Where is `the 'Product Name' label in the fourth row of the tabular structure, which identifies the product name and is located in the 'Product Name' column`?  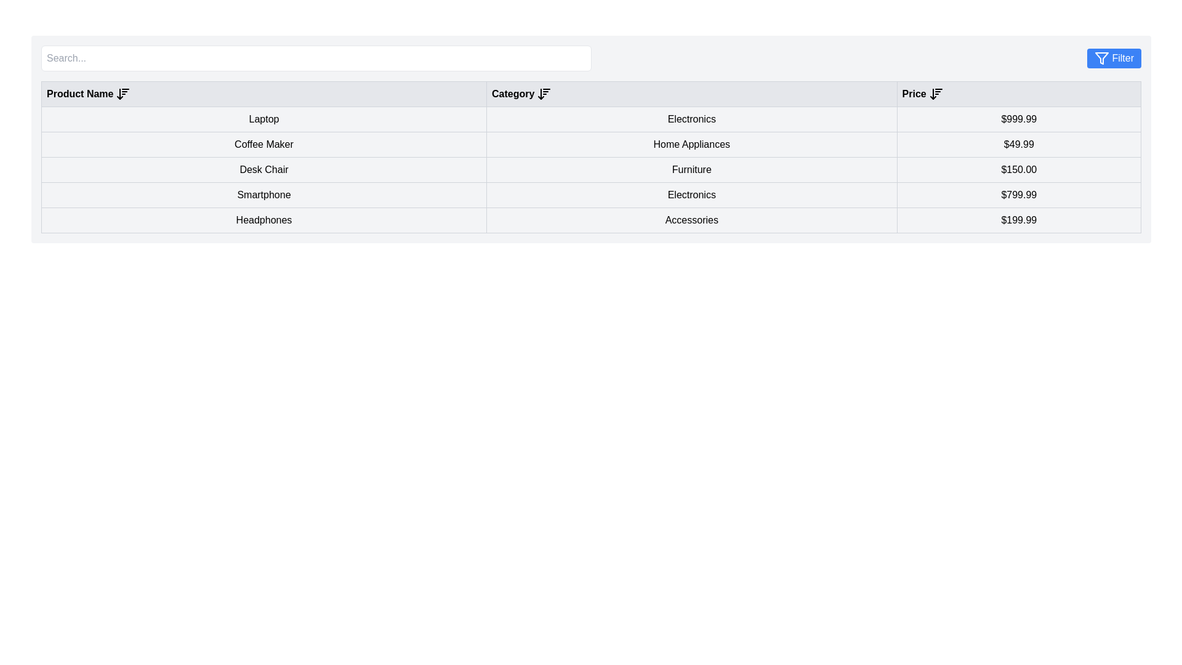
the 'Product Name' label in the fourth row of the tabular structure, which identifies the product name and is located in the 'Product Name' column is located at coordinates (263, 194).